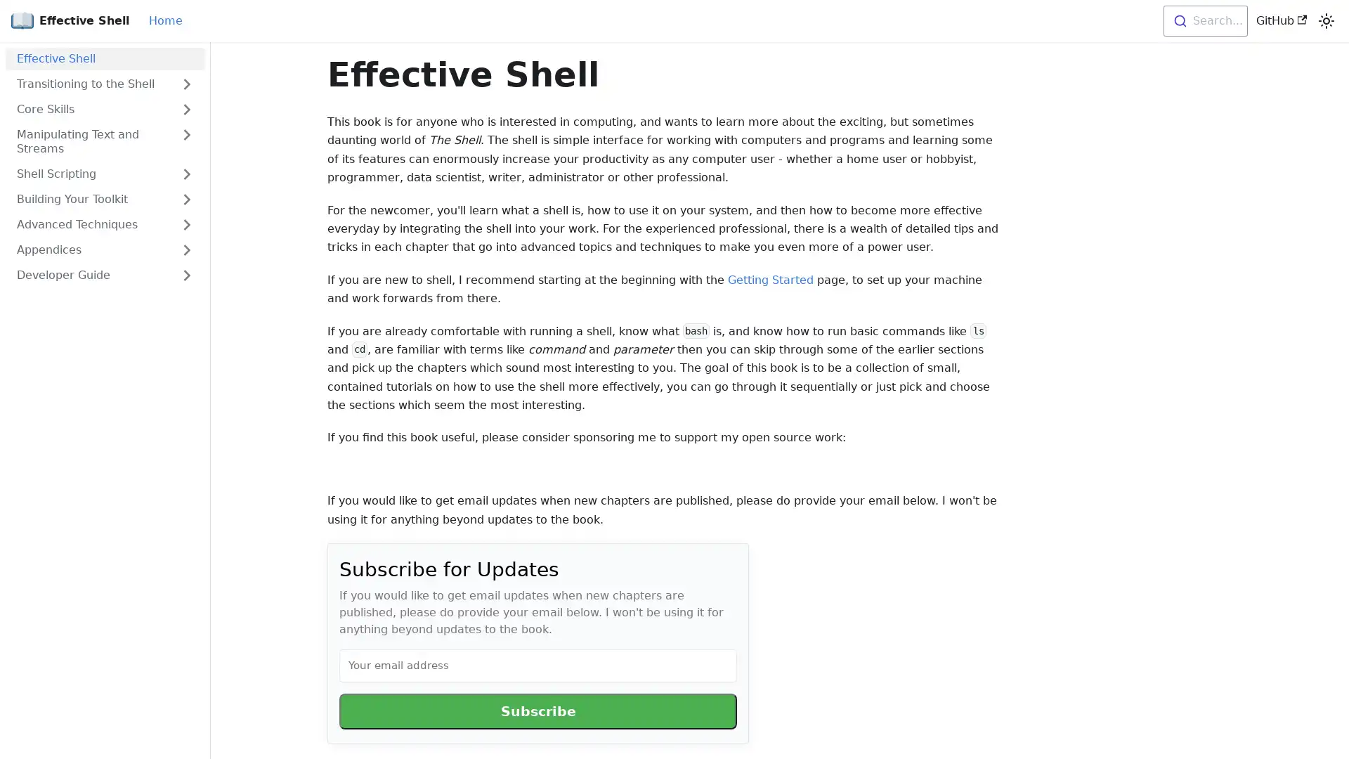 The image size is (1349, 759). I want to click on Subscribe, so click(537, 711).